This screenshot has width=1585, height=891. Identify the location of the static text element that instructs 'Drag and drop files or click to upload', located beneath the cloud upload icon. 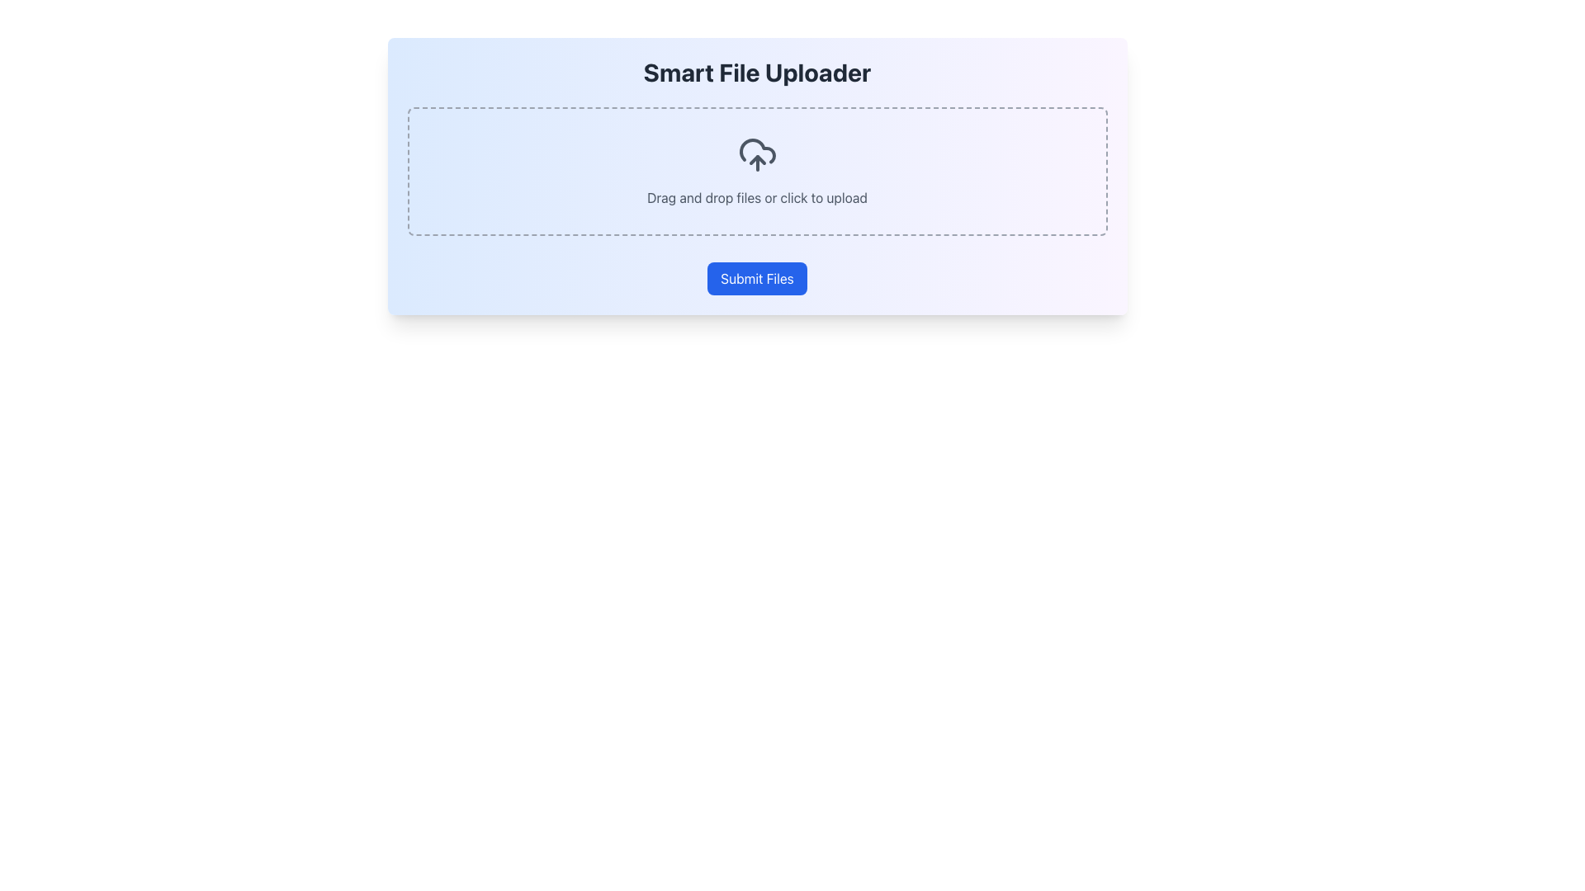
(756, 196).